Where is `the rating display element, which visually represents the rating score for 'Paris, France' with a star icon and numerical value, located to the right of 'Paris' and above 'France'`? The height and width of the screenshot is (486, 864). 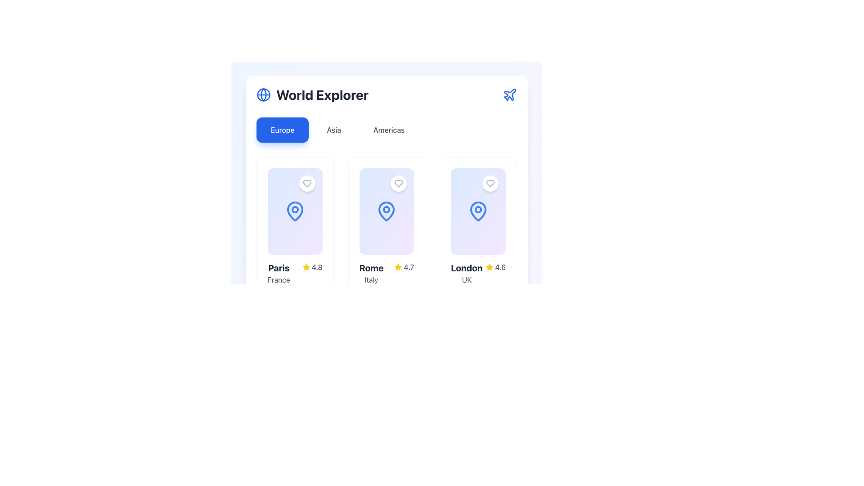
the rating display element, which visually represents the rating score for 'Paris, France' with a star icon and numerical value, located to the right of 'Paris' and above 'France' is located at coordinates (312, 267).